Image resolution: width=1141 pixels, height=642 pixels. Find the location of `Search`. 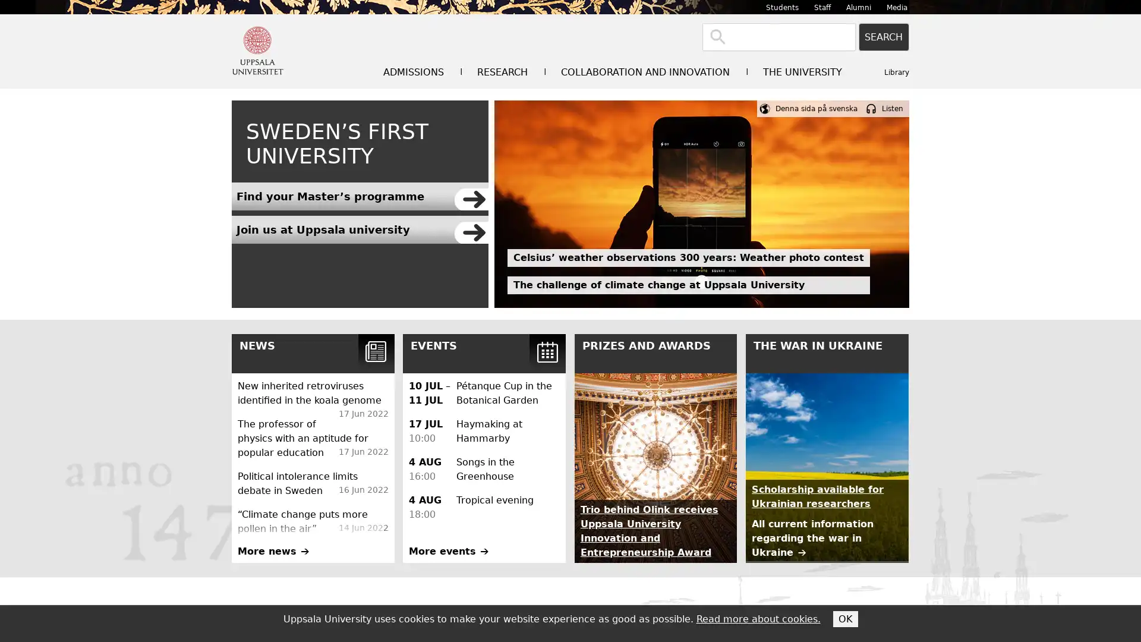

Search is located at coordinates (884, 36).